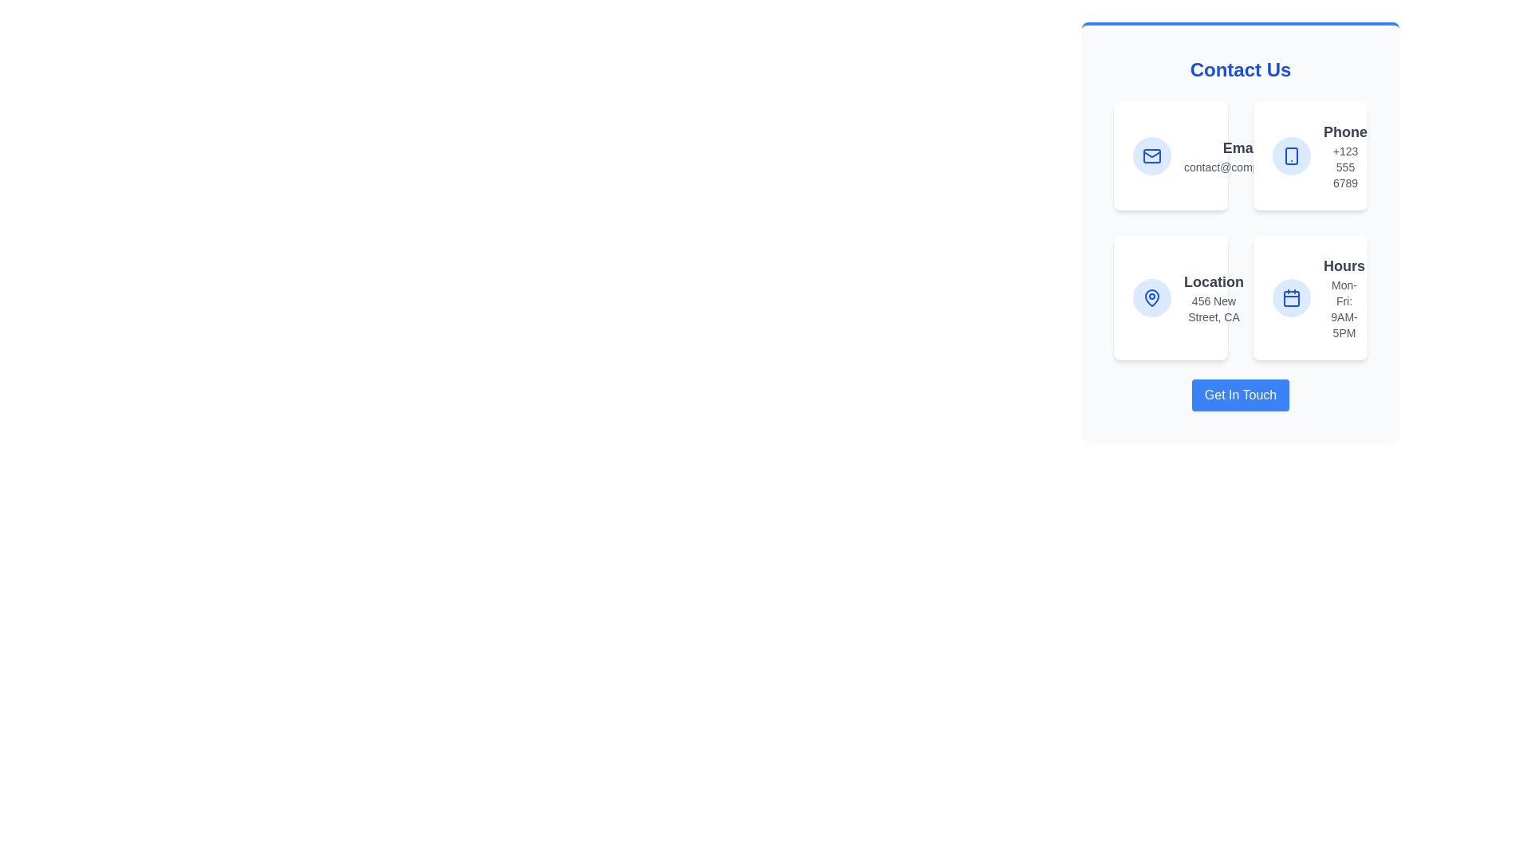 The height and width of the screenshot is (861, 1531). Describe the element at coordinates (1241, 156) in the screenshot. I see `text content displayed in the Text display element that shows 'Email' and 'contact@company.com' within the top-left card under 'Contact Us'` at that location.